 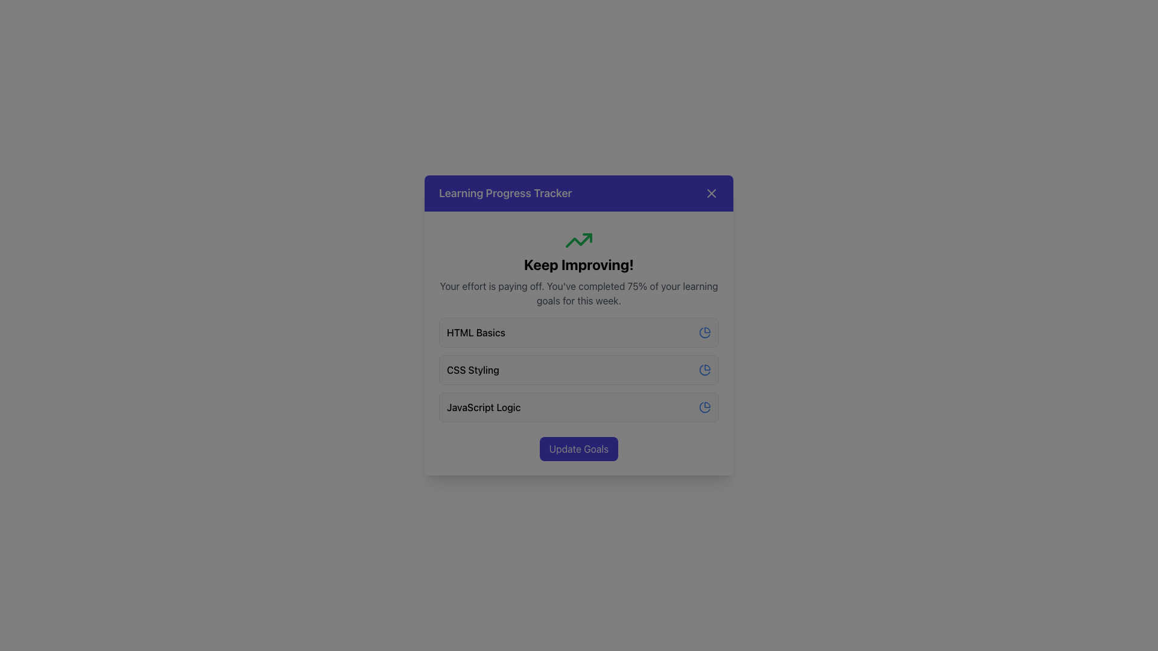 What do you see at coordinates (579, 240) in the screenshot?
I see `the green upward trend arrow icon located above the 'Keep Improving!' text and below the 'Learning Progress Tracker' title` at bounding box center [579, 240].